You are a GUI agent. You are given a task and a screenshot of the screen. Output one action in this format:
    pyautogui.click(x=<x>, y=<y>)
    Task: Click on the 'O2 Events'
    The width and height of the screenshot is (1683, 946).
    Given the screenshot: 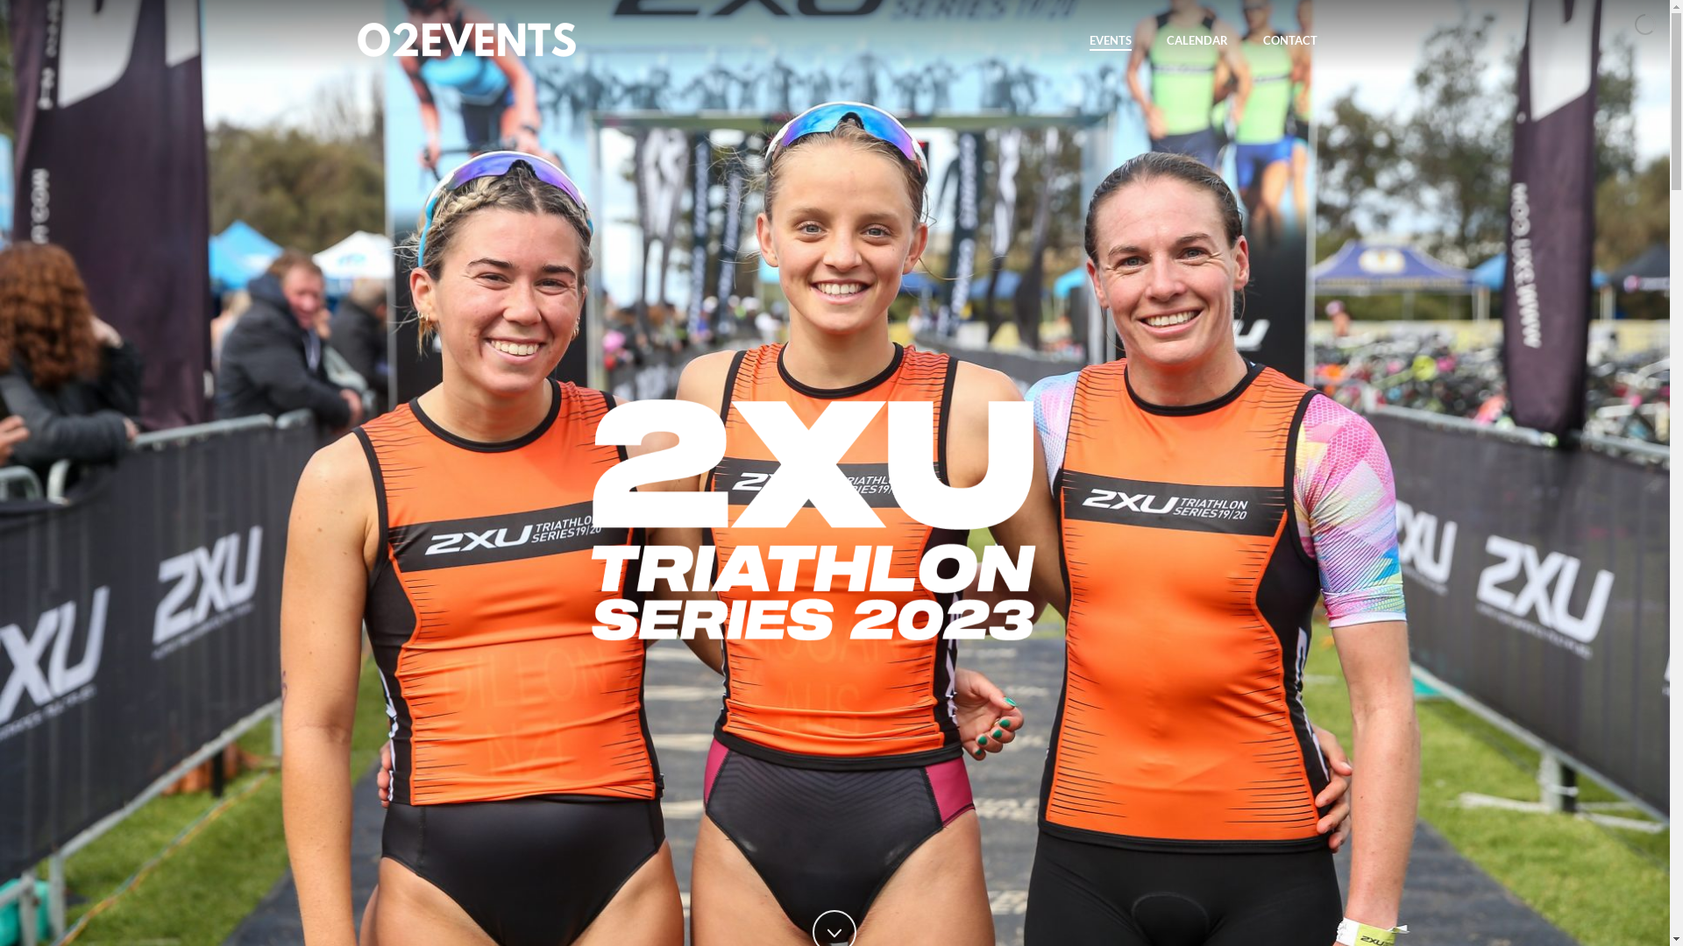 What is the action you would take?
    pyautogui.click(x=352, y=39)
    